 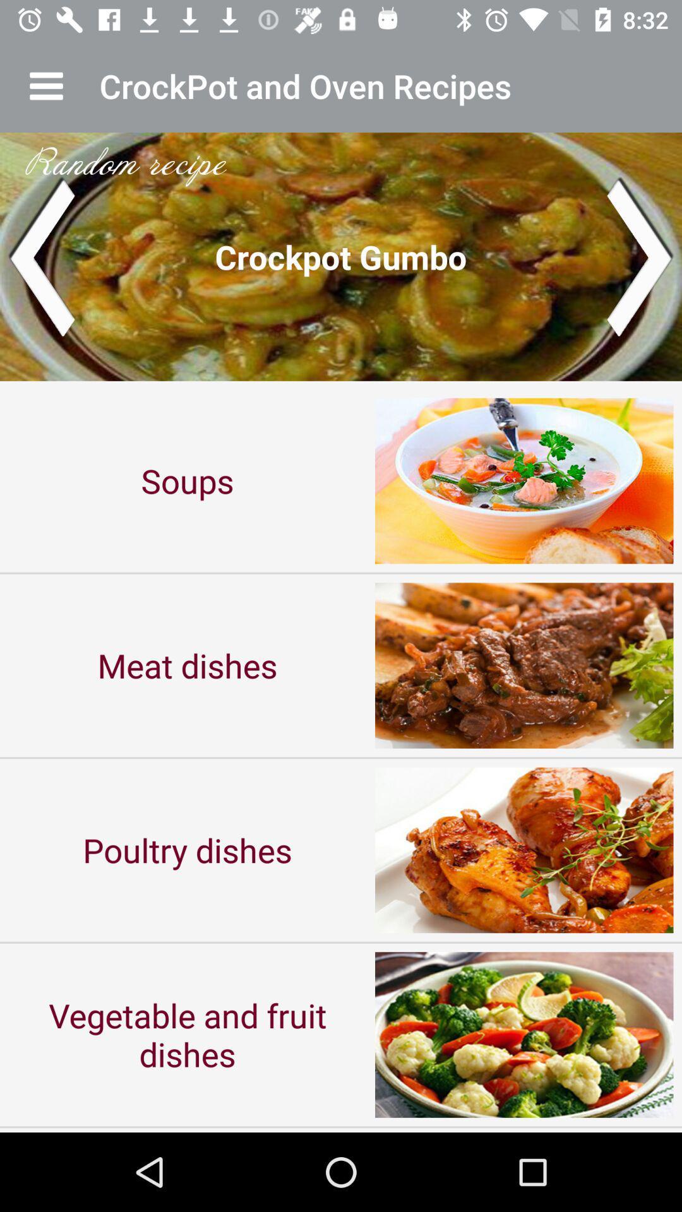 What do you see at coordinates (40, 256) in the screenshot?
I see `the arrow_backward icon` at bounding box center [40, 256].